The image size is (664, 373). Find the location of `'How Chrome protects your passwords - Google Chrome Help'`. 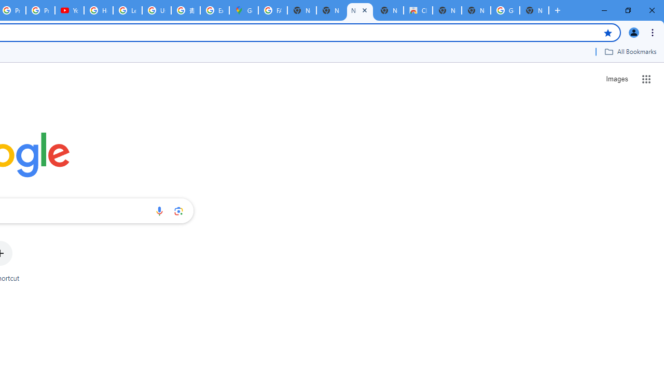

'How Chrome protects your passwords - Google Chrome Help' is located at coordinates (99, 10).